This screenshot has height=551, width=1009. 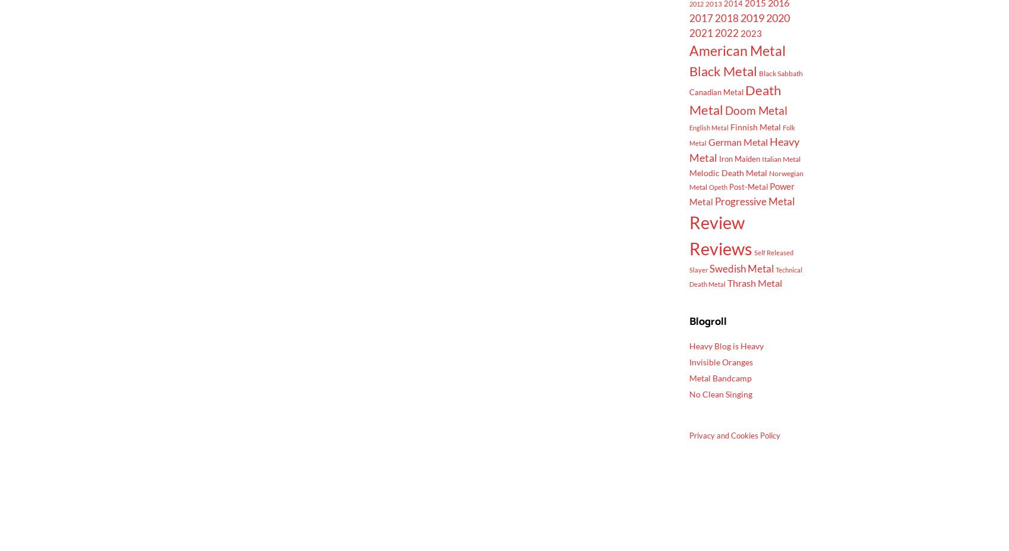 I want to click on 'Slayer', so click(x=697, y=270).